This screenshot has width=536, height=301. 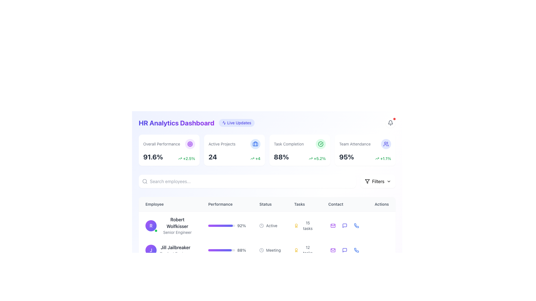 I want to click on the status indicator located at the bottom-right corner, which displays the text 'J.', so click(x=156, y=255).